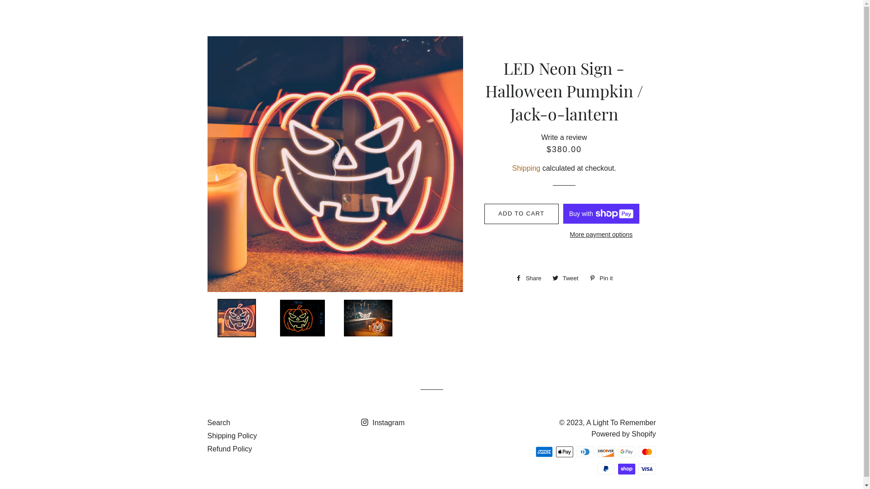 The height and width of the screenshot is (489, 870). Describe the element at coordinates (526, 168) in the screenshot. I see `'Shipping'` at that location.